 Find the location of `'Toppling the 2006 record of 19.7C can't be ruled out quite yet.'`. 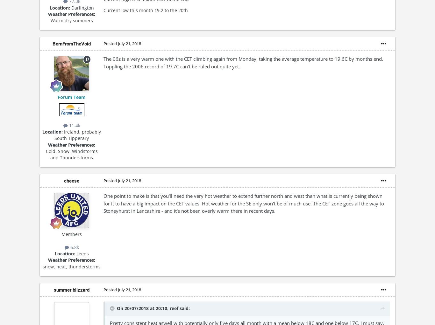

'Toppling the 2006 record of 19.7C can't be ruled out quite yet.' is located at coordinates (172, 66).